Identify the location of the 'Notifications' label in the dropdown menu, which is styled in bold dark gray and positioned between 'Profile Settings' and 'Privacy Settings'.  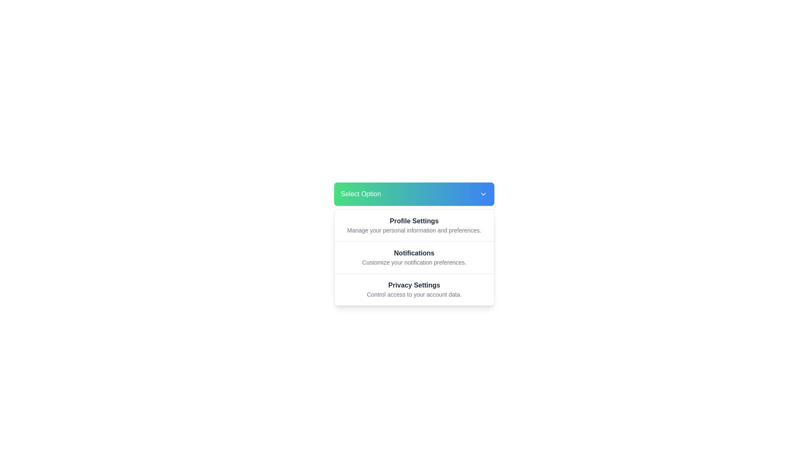
(414, 253).